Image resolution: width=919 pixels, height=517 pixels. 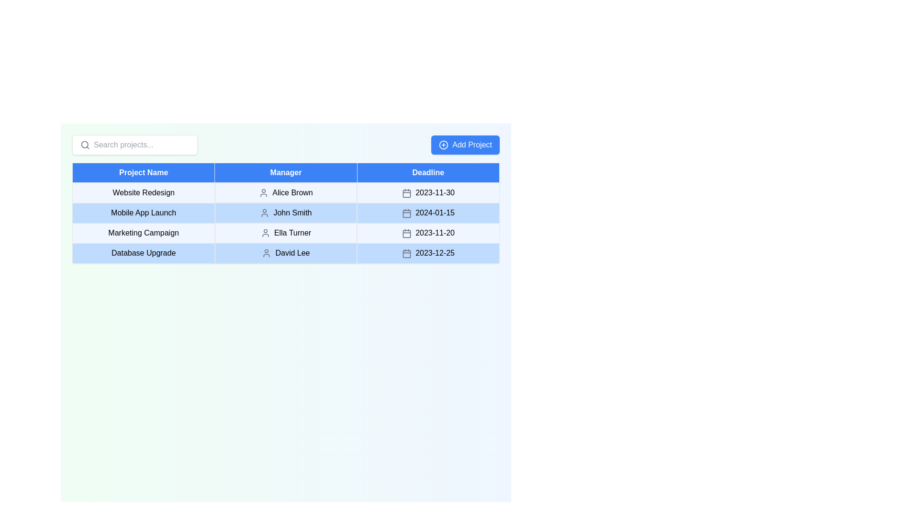 What do you see at coordinates (85, 145) in the screenshot?
I see `the SVG circle element that represents the search magnifier's lens, located to the left of the search bar` at bounding box center [85, 145].